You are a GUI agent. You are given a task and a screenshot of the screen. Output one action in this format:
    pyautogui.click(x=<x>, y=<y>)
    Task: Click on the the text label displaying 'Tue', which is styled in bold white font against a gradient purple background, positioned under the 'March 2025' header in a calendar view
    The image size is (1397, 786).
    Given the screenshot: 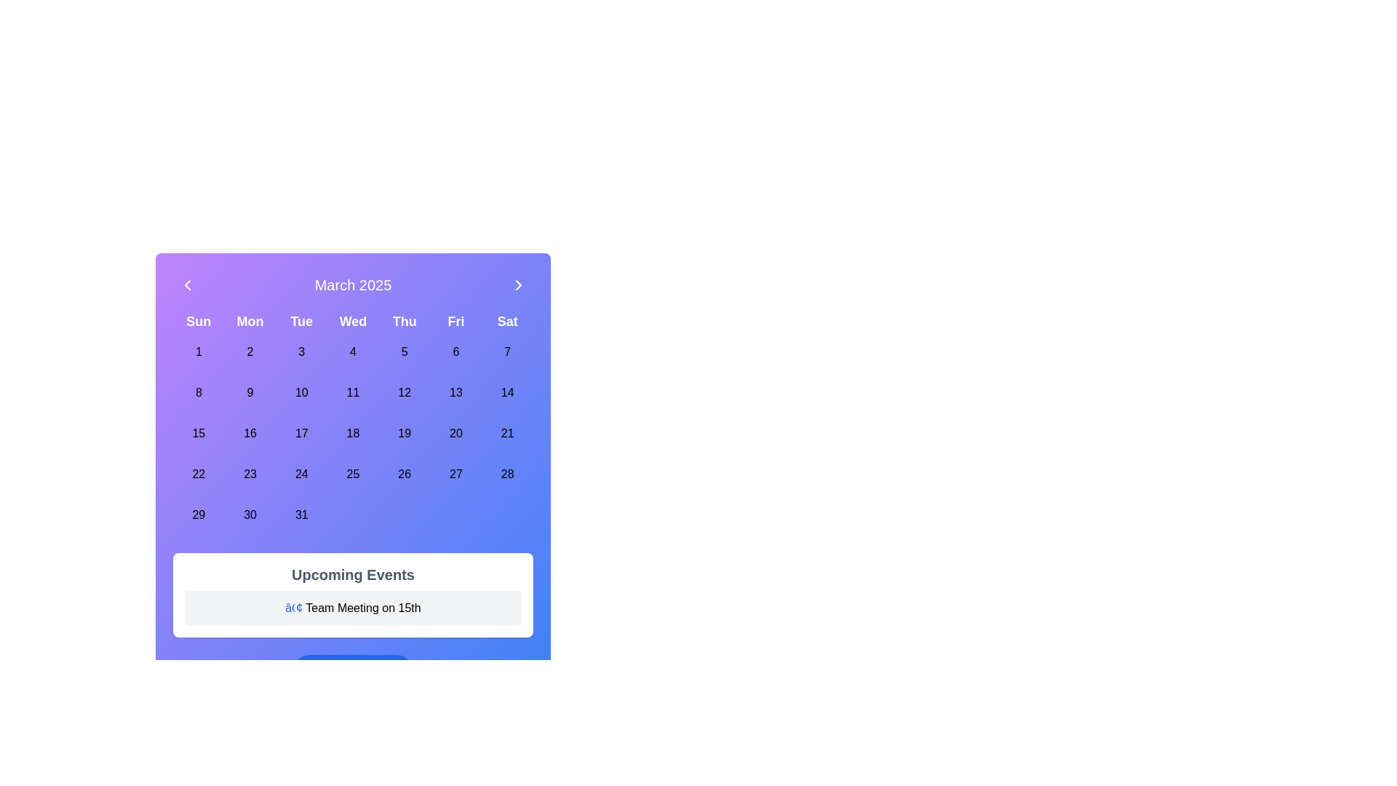 What is the action you would take?
    pyautogui.click(x=301, y=321)
    